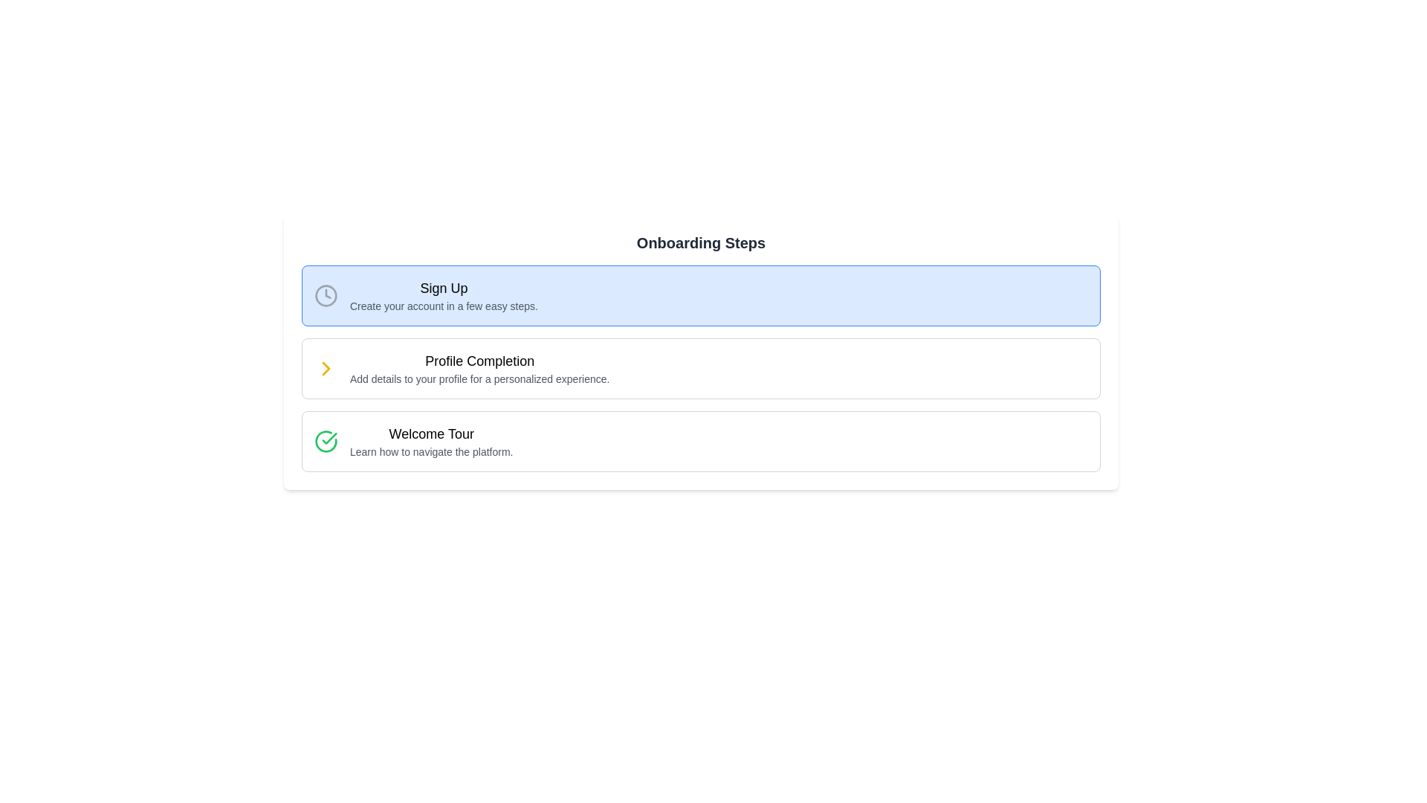 This screenshot has width=1427, height=803. I want to click on the yellow right-facing chevron arrow icon located within the 'Profile Completion' action card, so click(325, 368).